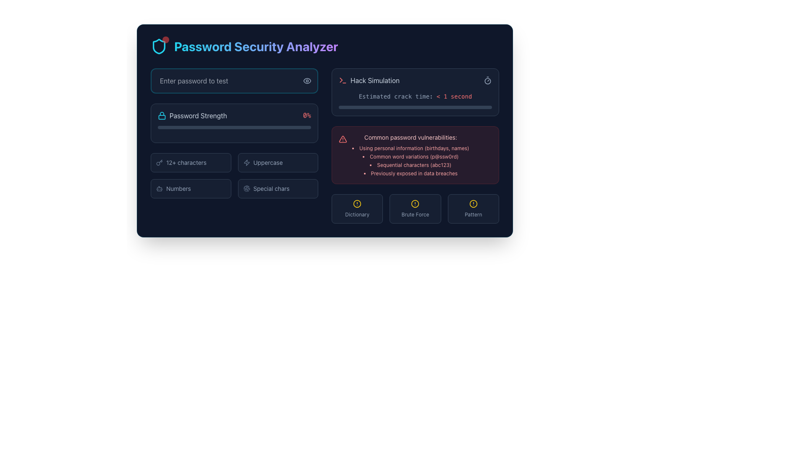  Describe the element at coordinates (343, 138) in the screenshot. I see `the Warning Triangle icon, which is a triangular warning symbol with a red or orange filled interior, located in the 'Common password vulnerabilities' section` at that location.